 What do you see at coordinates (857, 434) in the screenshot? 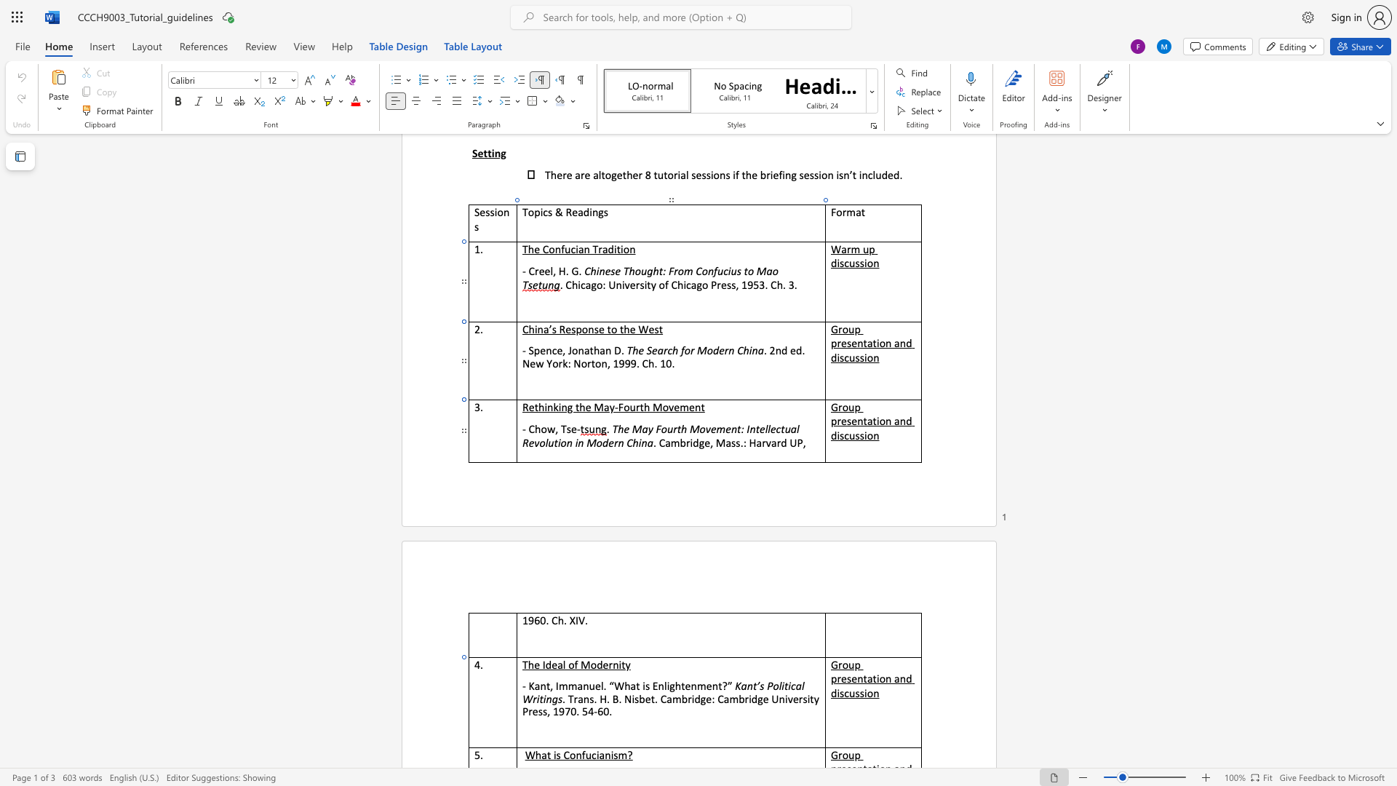
I see `the 3th character "s" in the text` at bounding box center [857, 434].